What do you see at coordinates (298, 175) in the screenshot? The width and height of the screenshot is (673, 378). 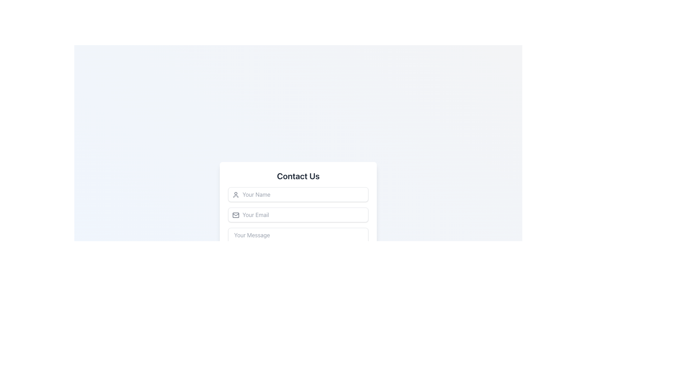 I see `the 'Contact Us' text label, which is a bold heading displayed at the top of a form-oriented card interface` at bounding box center [298, 175].